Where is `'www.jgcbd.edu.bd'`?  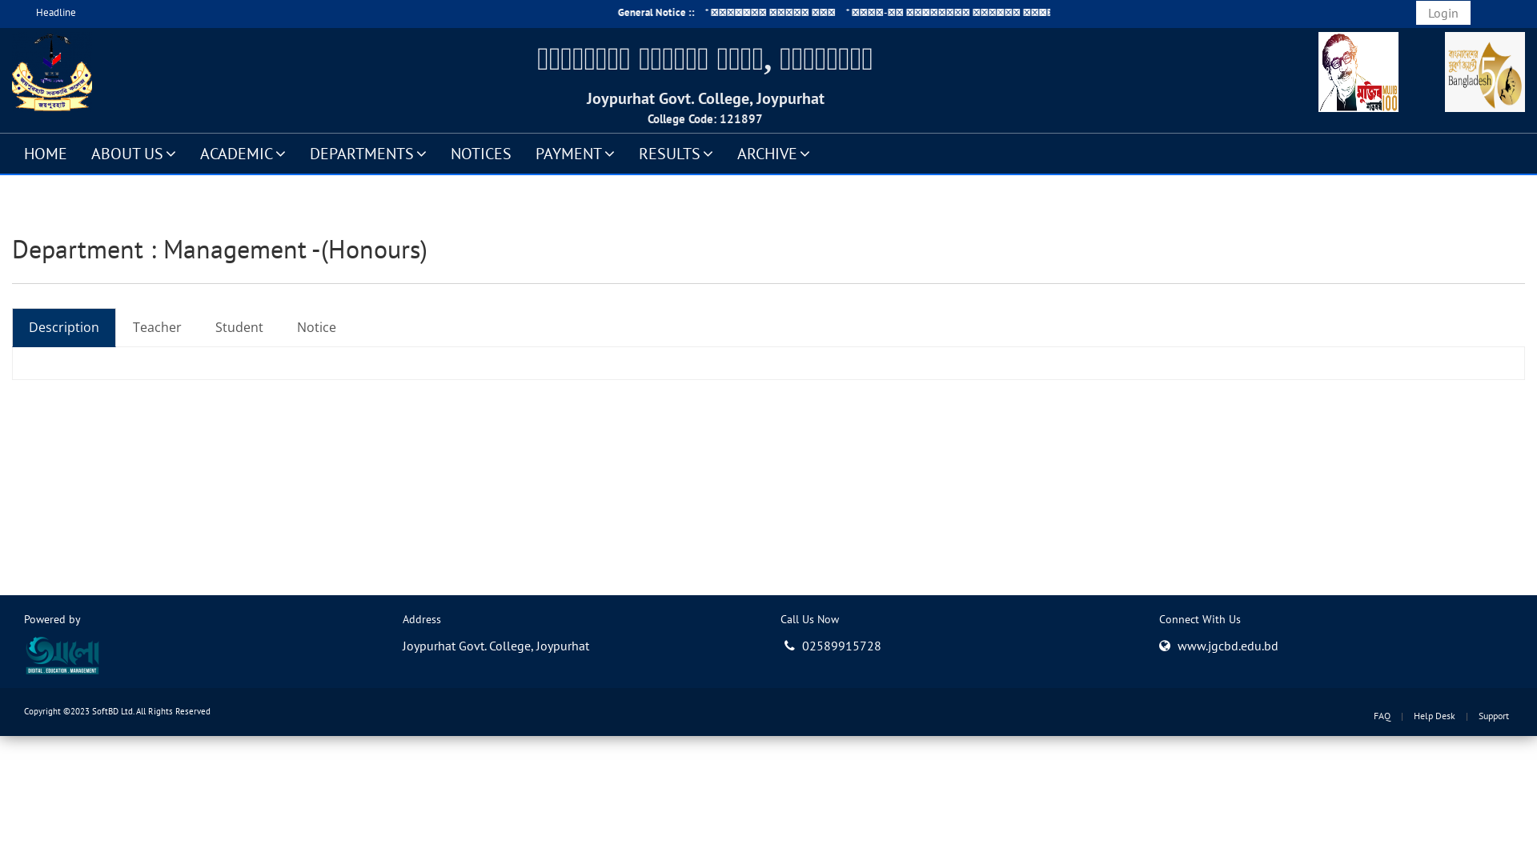 'www.jgcbd.edu.bd' is located at coordinates (1226, 644).